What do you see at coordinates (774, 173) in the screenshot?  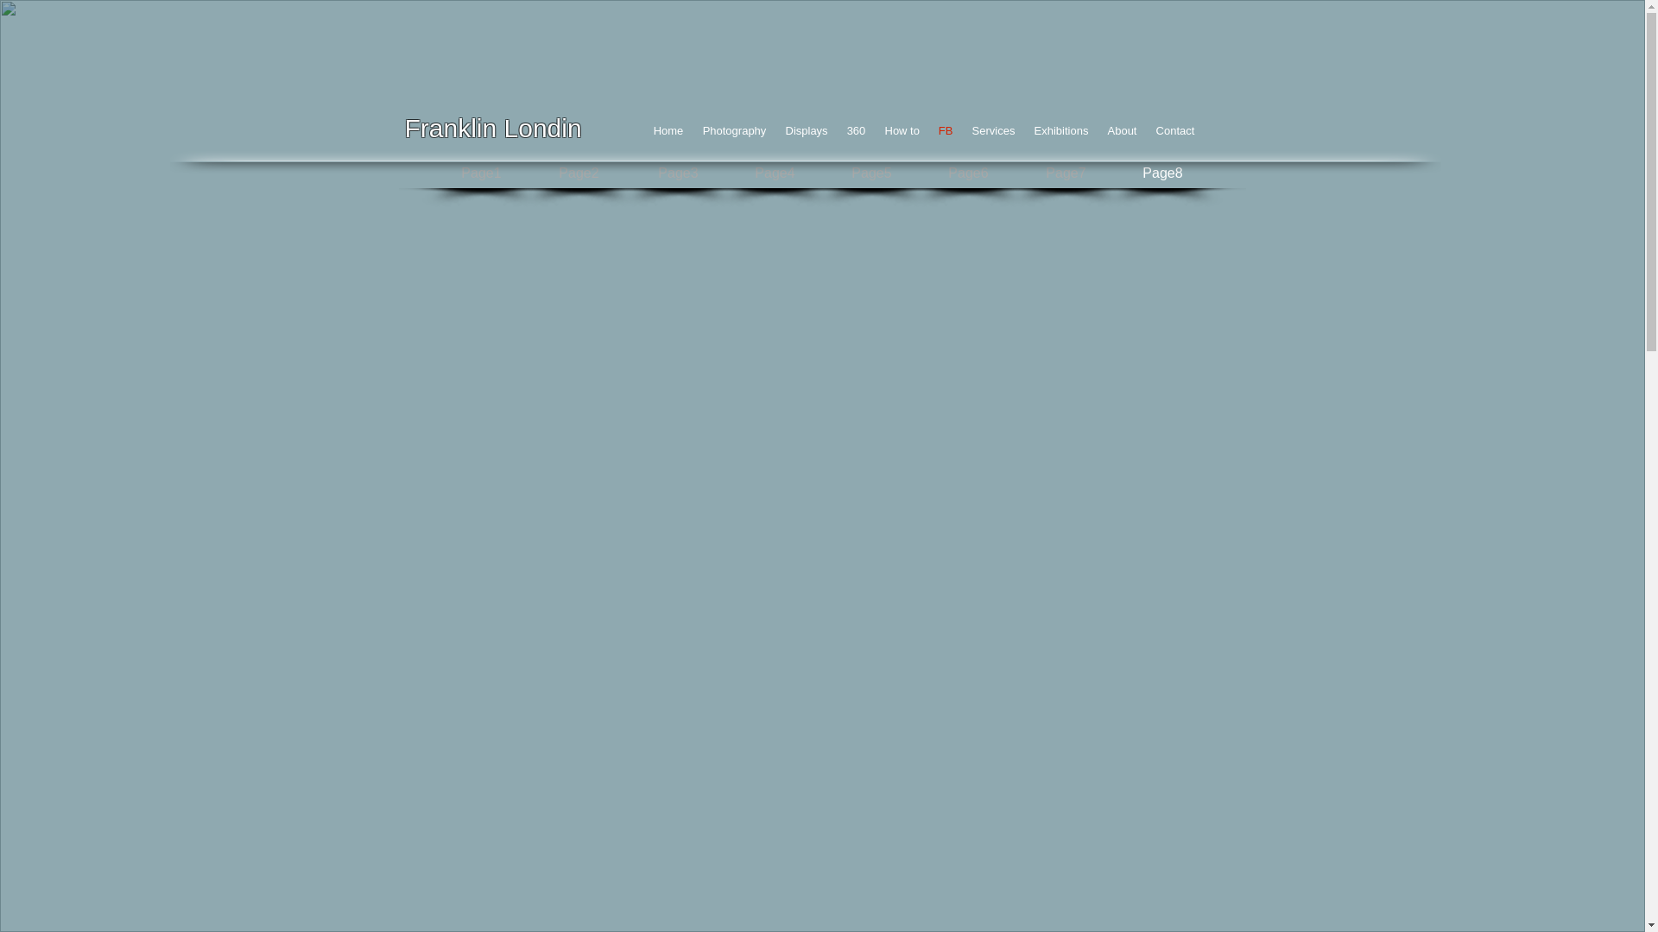 I see `'Page4'` at bounding box center [774, 173].